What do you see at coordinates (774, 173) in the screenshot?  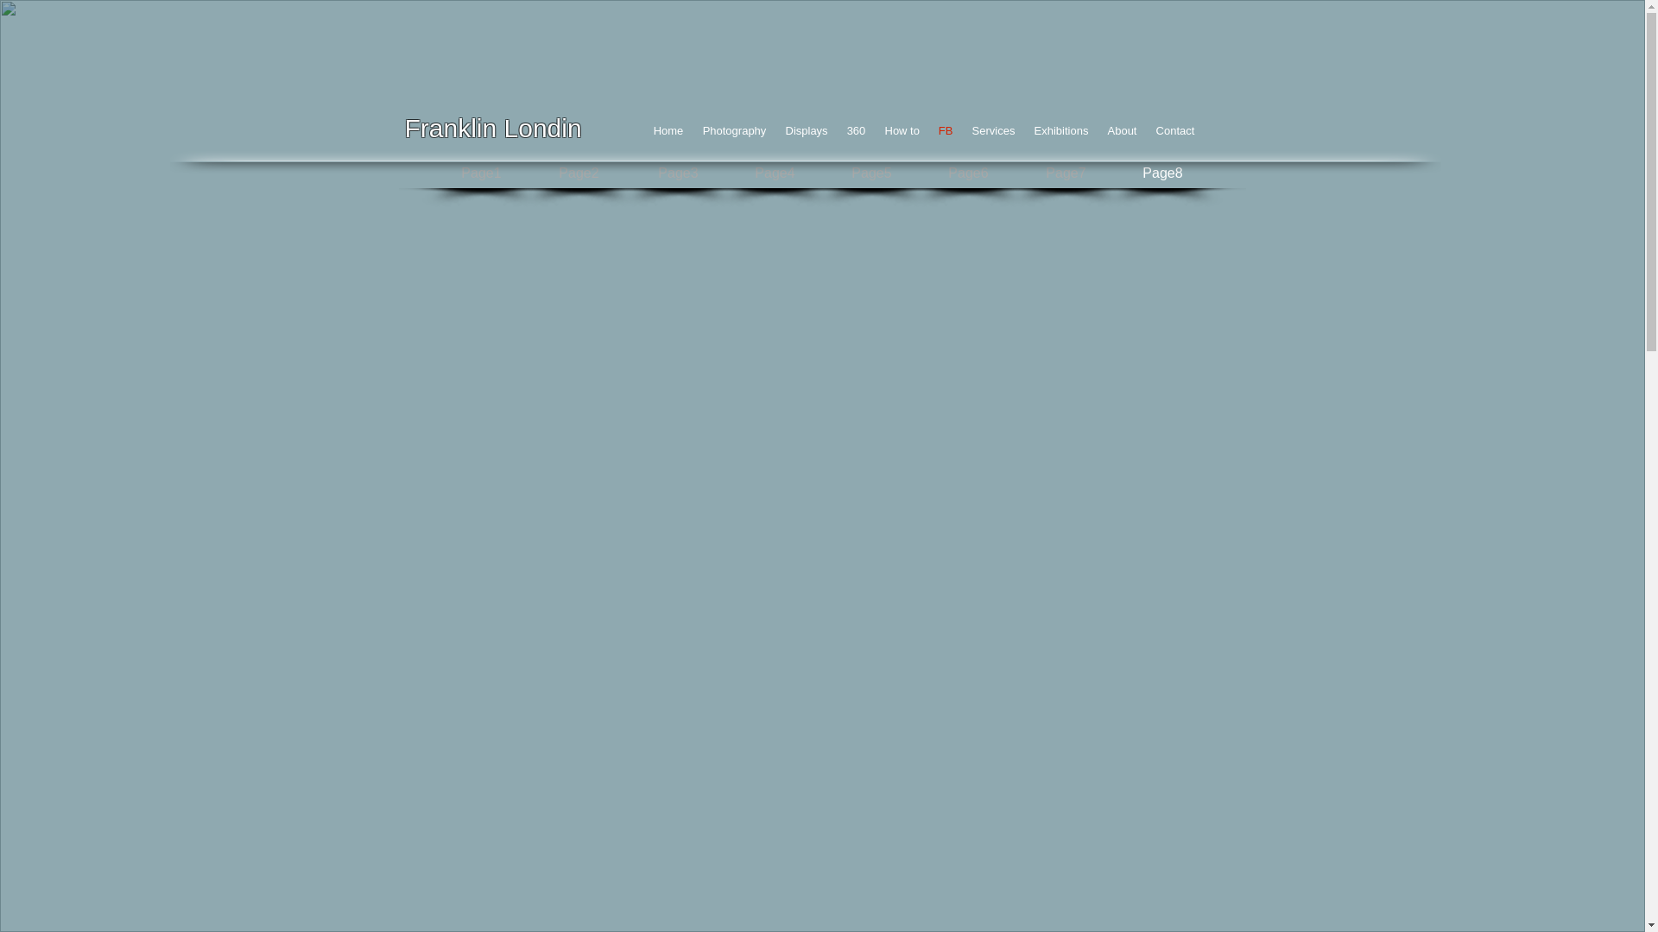 I see `'Page4'` at bounding box center [774, 173].